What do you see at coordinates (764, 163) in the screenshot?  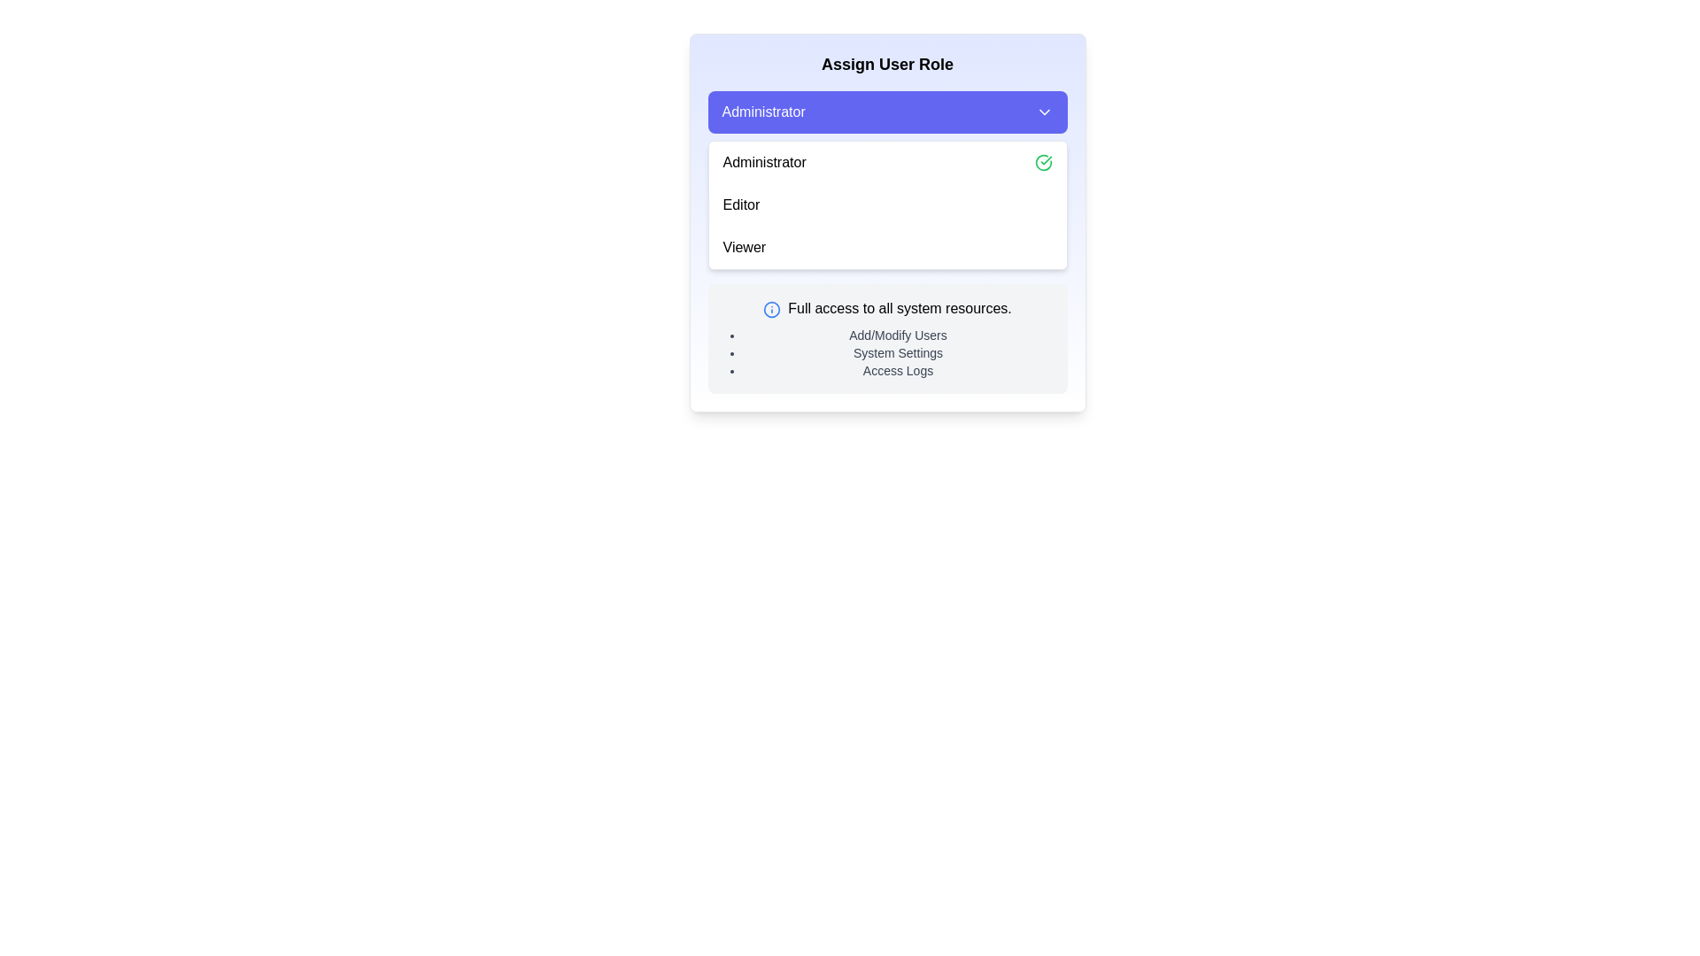 I see `the 'Administrator' role text label within the 'Assign User Role' dropdown` at bounding box center [764, 163].